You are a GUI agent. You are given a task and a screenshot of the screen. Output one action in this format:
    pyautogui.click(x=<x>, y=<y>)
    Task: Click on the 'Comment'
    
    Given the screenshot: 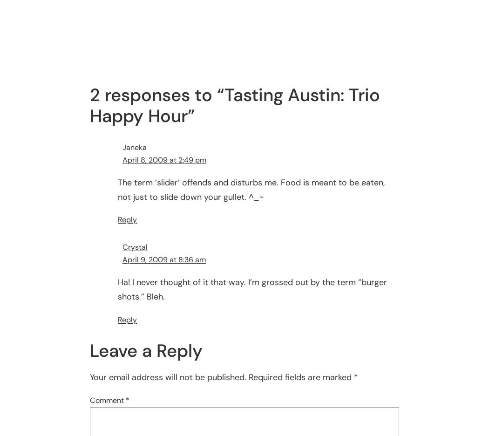 What is the action you would take?
    pyautogui.click(x=108, y=400)
    